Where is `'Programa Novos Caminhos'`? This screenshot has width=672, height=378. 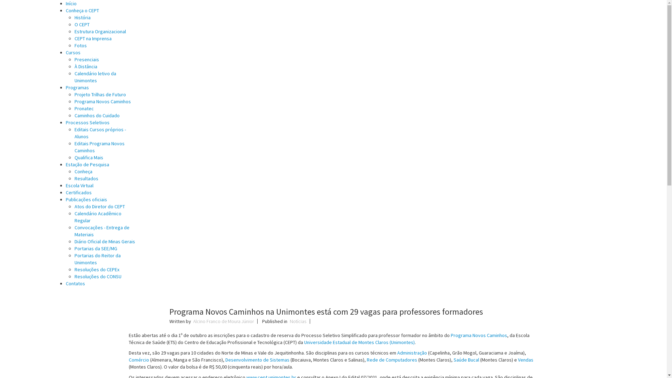 'Programa Novos Caminhos' is located at coordinates (478, 335).